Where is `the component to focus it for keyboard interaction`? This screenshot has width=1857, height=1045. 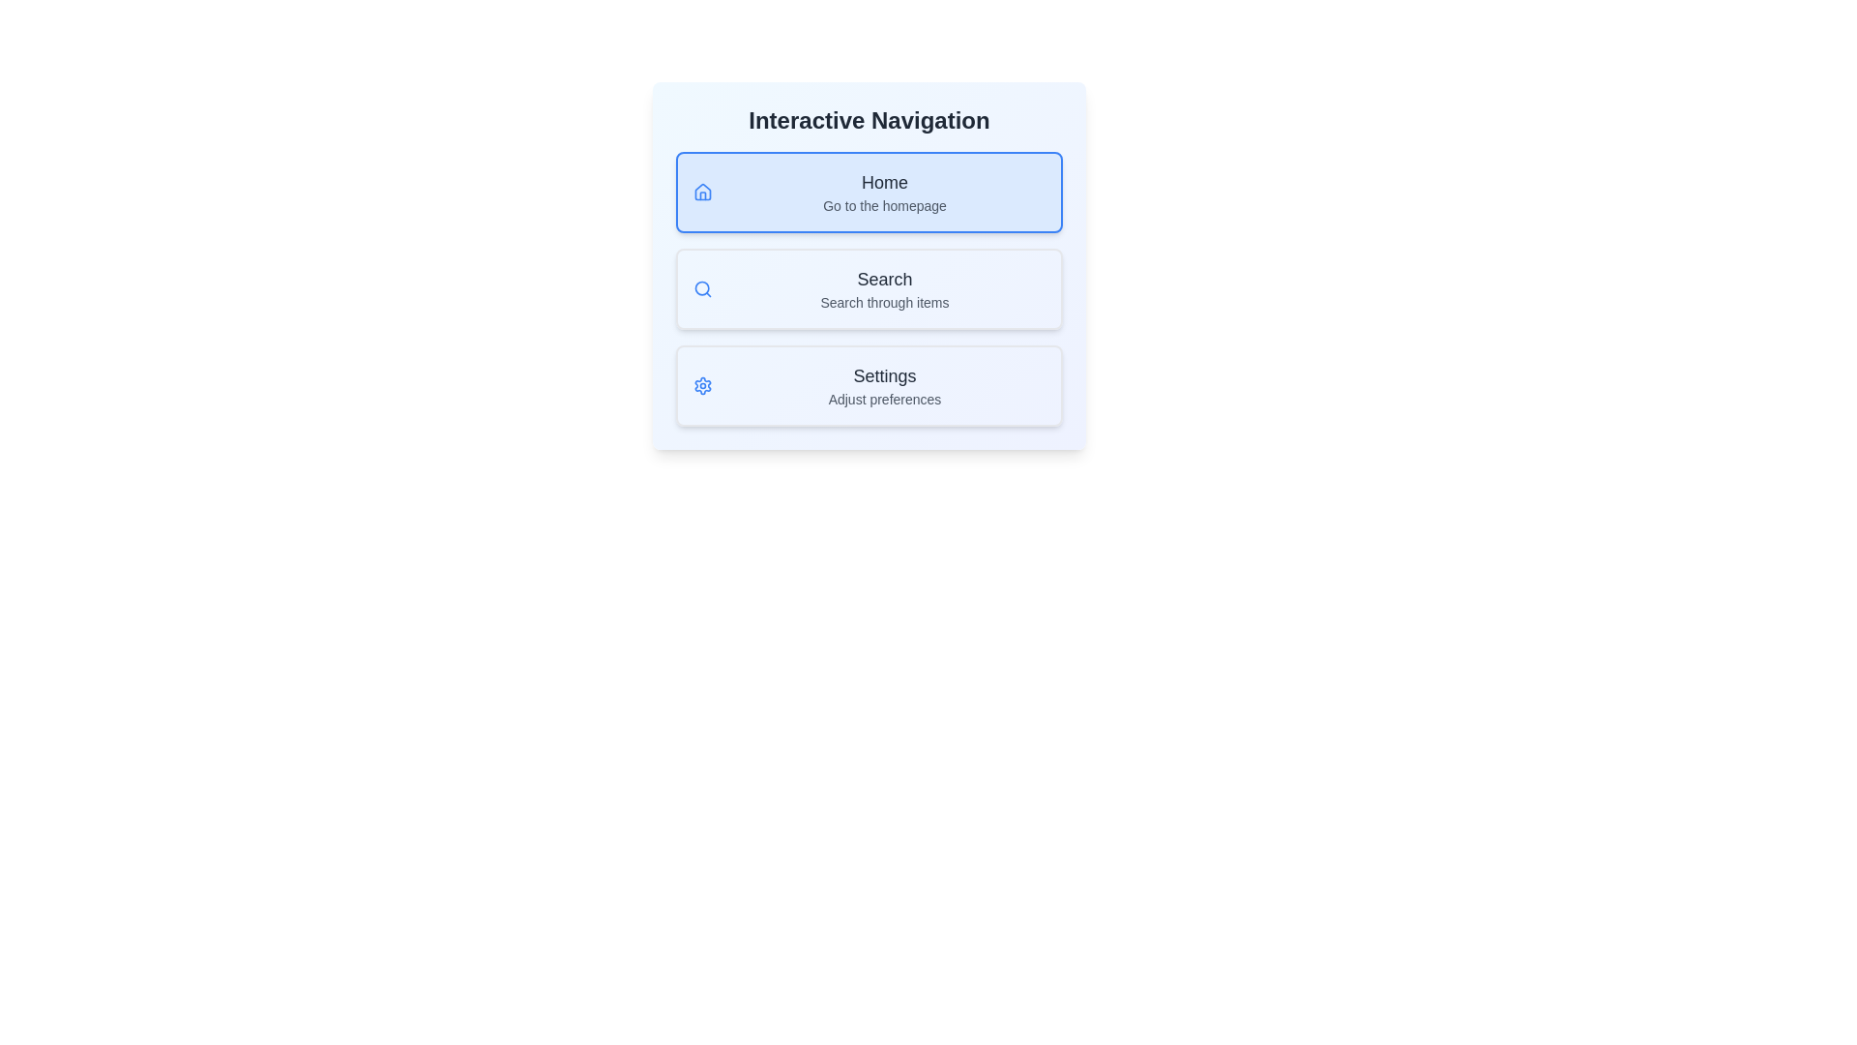
the component to focus it for keyboard interaction is located at coordinates (868, 265).